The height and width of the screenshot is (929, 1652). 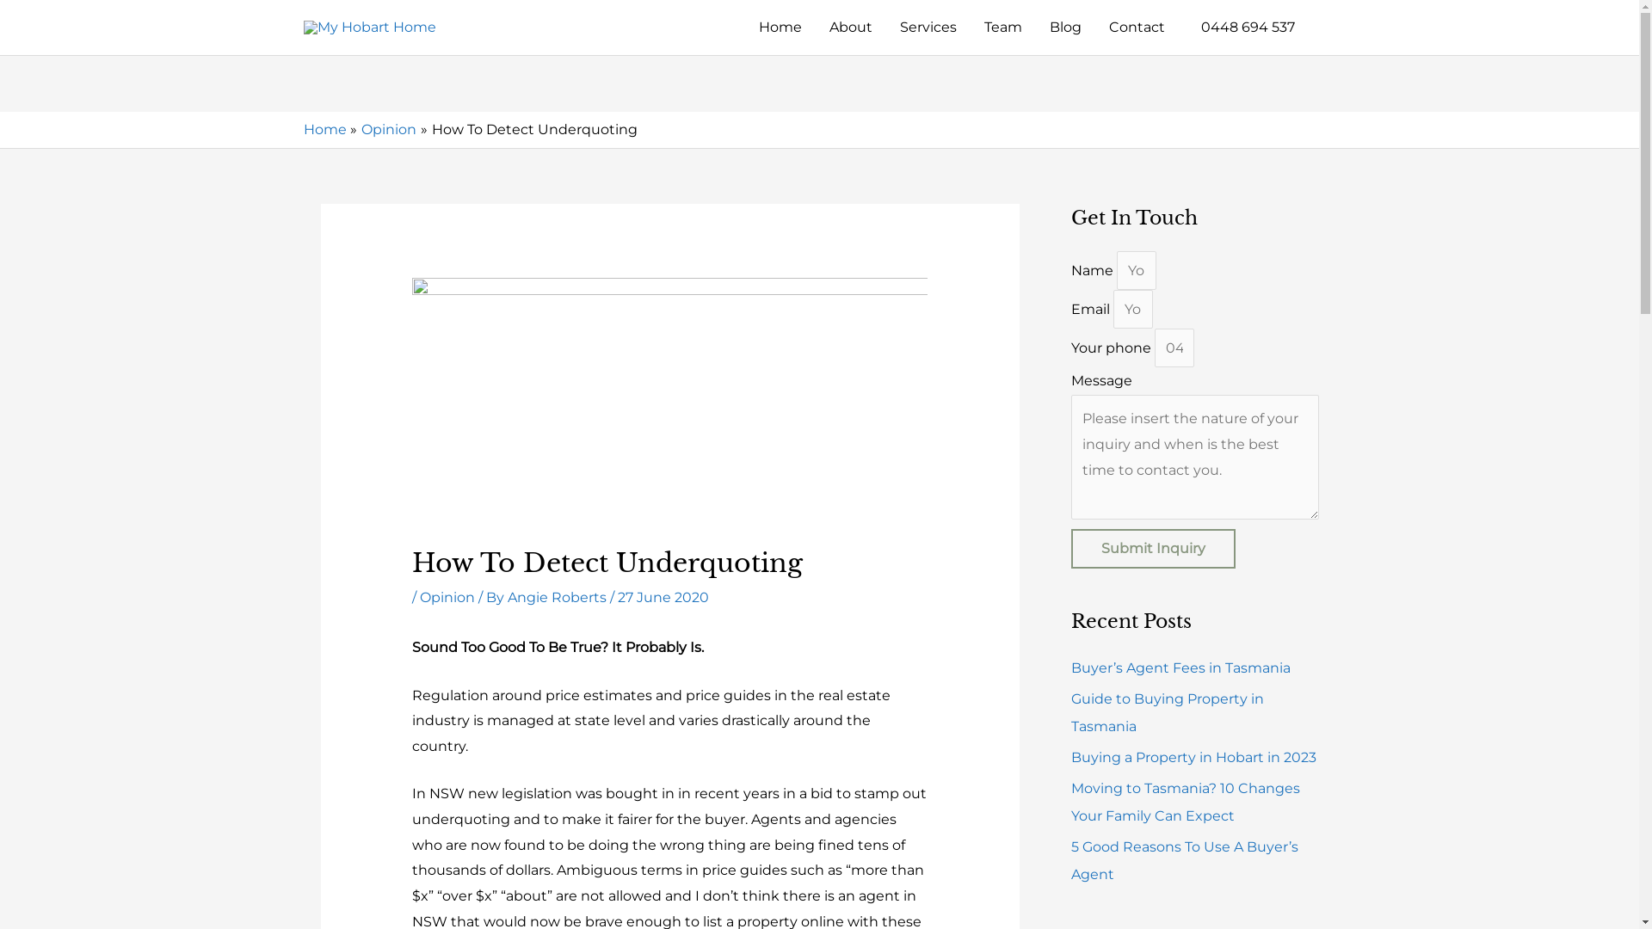 I want to click on 'Opinion', so click(x=447, y=596).